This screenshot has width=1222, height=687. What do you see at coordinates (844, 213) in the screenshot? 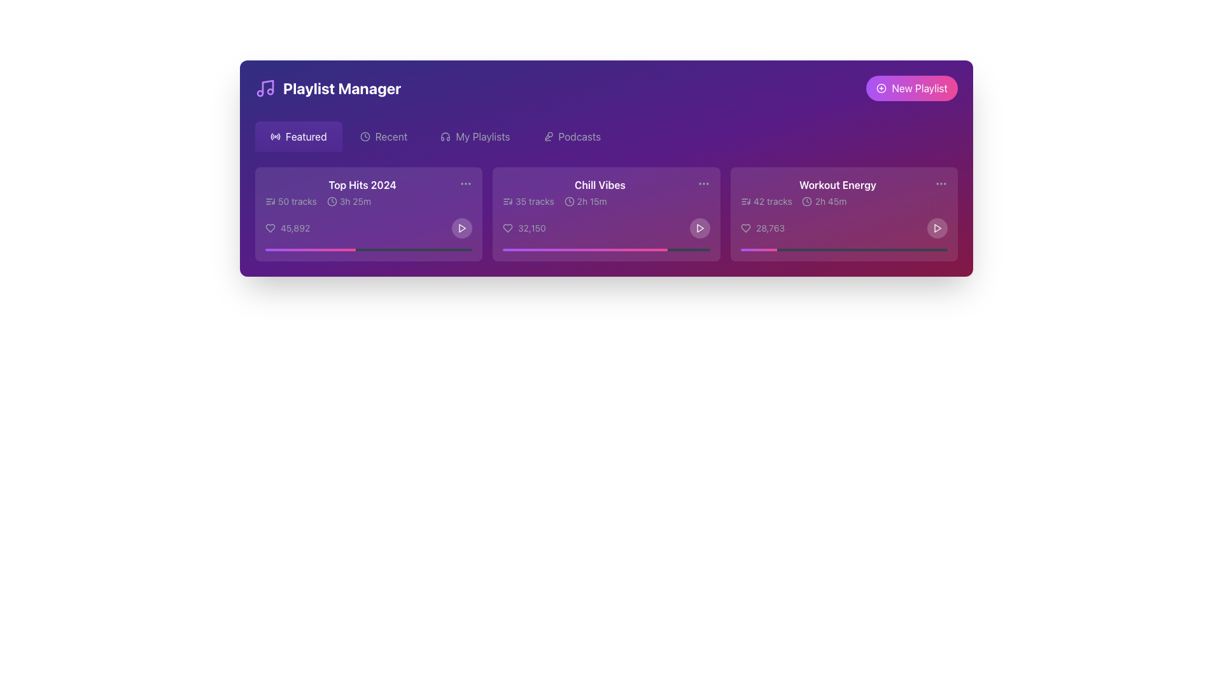
I see `the 'Workout Energy' playlist card, which is the third card in a grid layout on the rightmost side, adjacent to the 'Chill Vibes' and 'Top Hits 2024' cards` at bounding box center [844, 213].